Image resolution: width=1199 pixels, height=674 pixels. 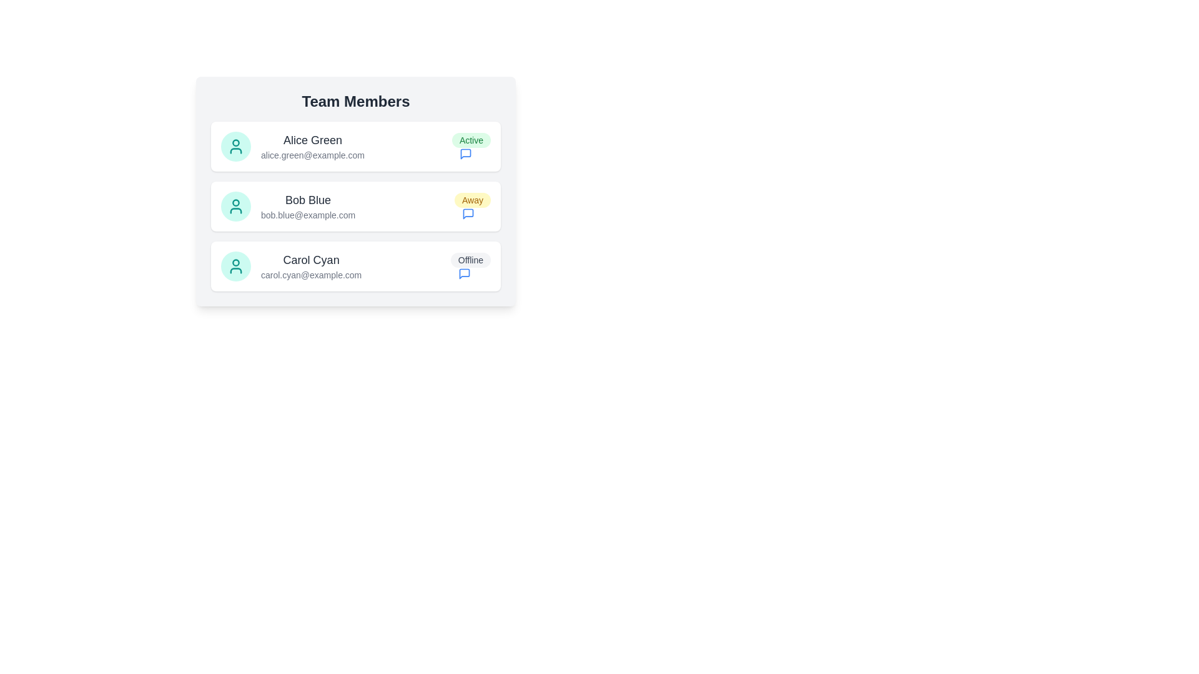 What do you see at coordinates (311, 259) in the screenshot?
I see `the text label displaying the name of the team member in the third row of the team member list` at bounding box center [311, 259].